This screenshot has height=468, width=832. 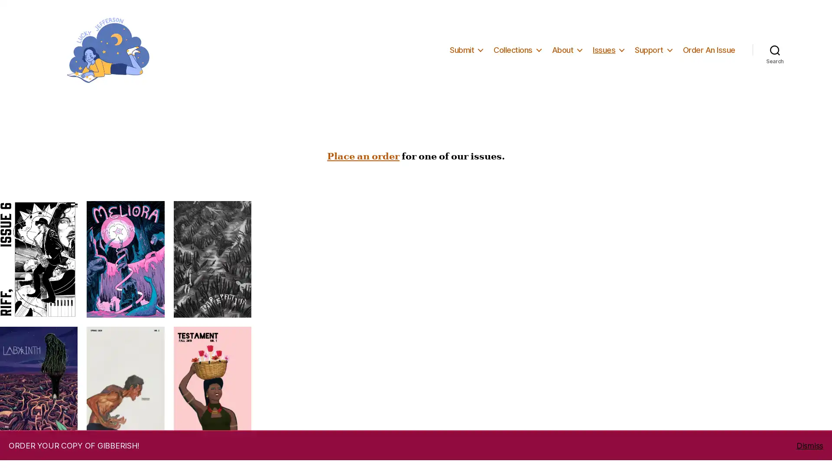 What do you see at coordinates (775, 50) in the screenshot?
I see `Search` at bounding box center [775, 50].